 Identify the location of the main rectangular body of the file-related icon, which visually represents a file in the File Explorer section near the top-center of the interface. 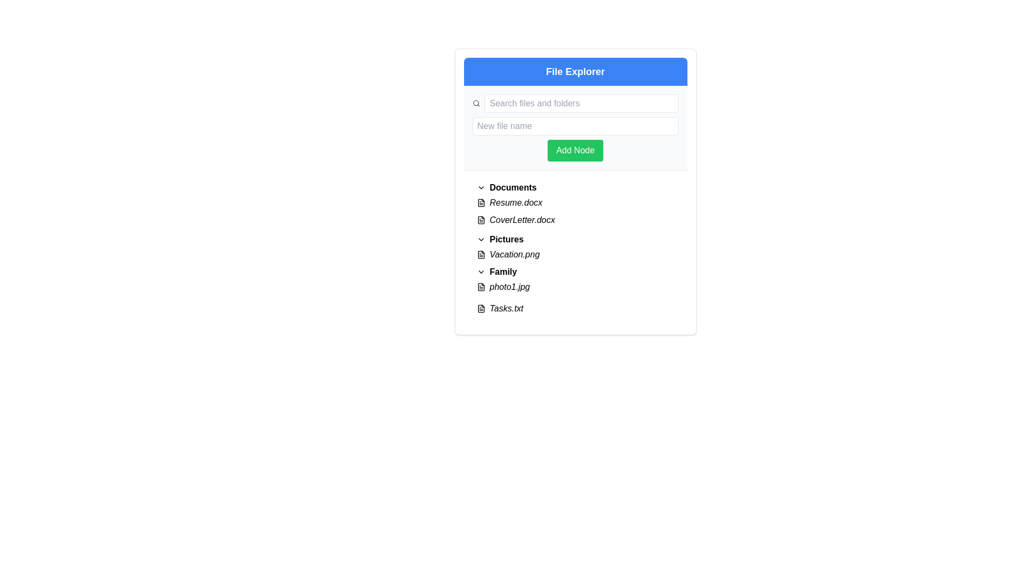
(480, 202).